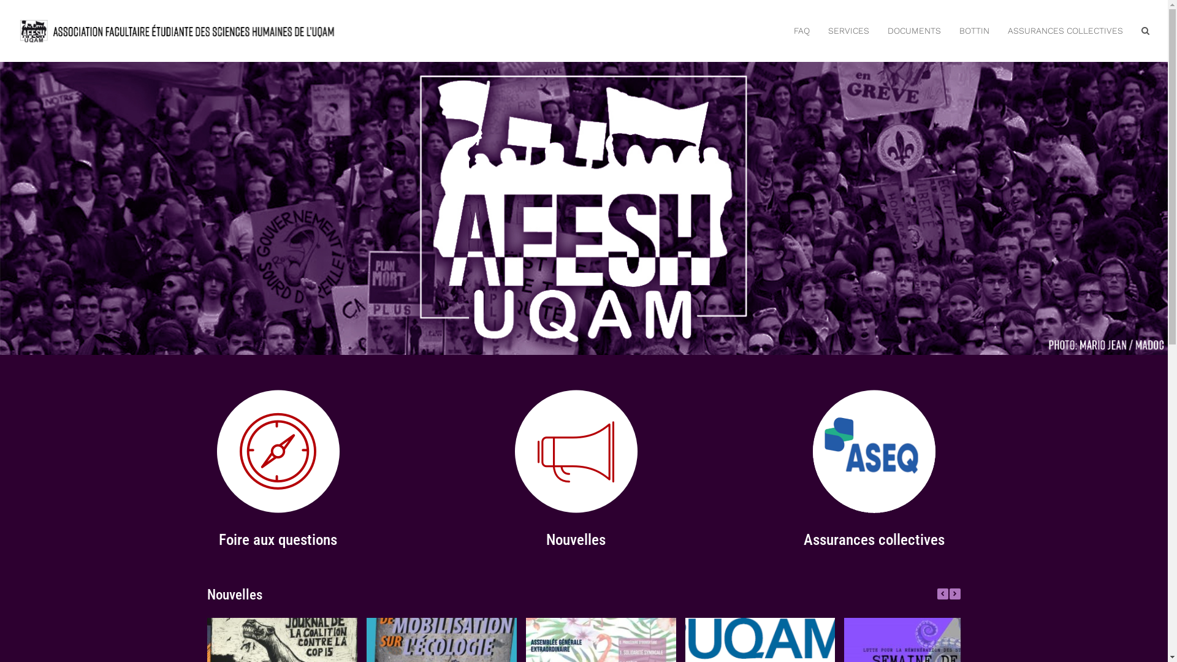 Image resolution: width=1177 pixels, height=662 pixels. I want to click on 'Foire aux questions', so click(218, 539).